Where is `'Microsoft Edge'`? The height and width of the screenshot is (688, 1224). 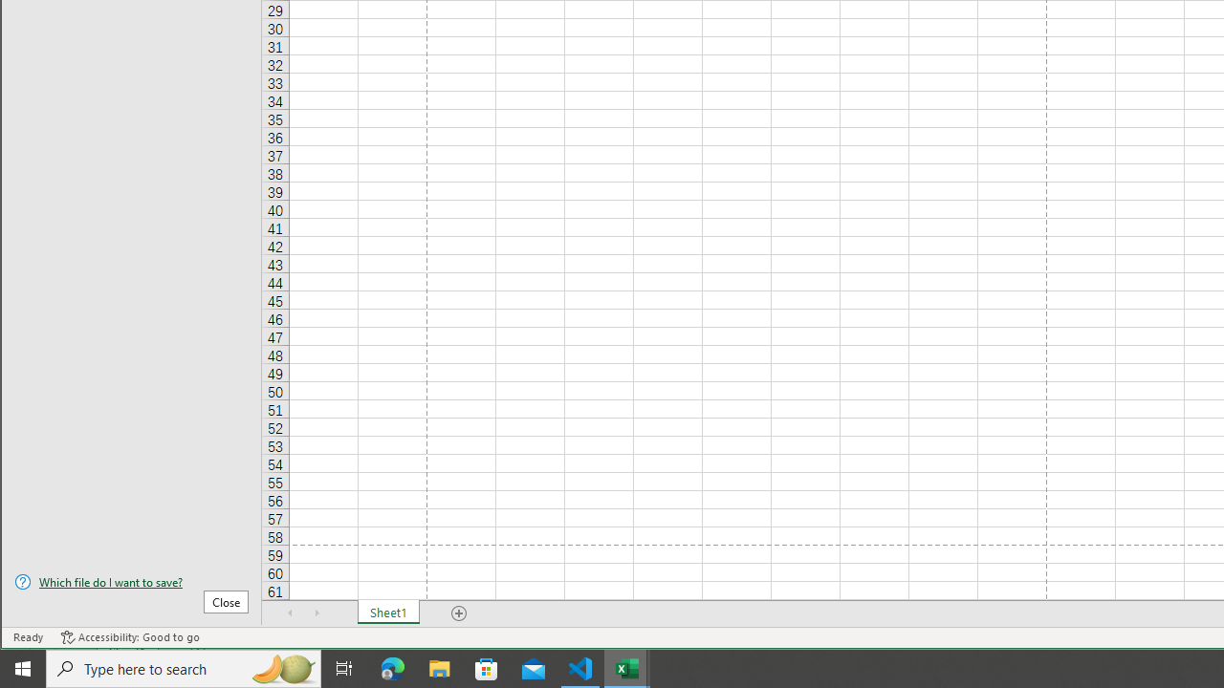
'Microsoft Edge' is located at coordinates (392, 667).